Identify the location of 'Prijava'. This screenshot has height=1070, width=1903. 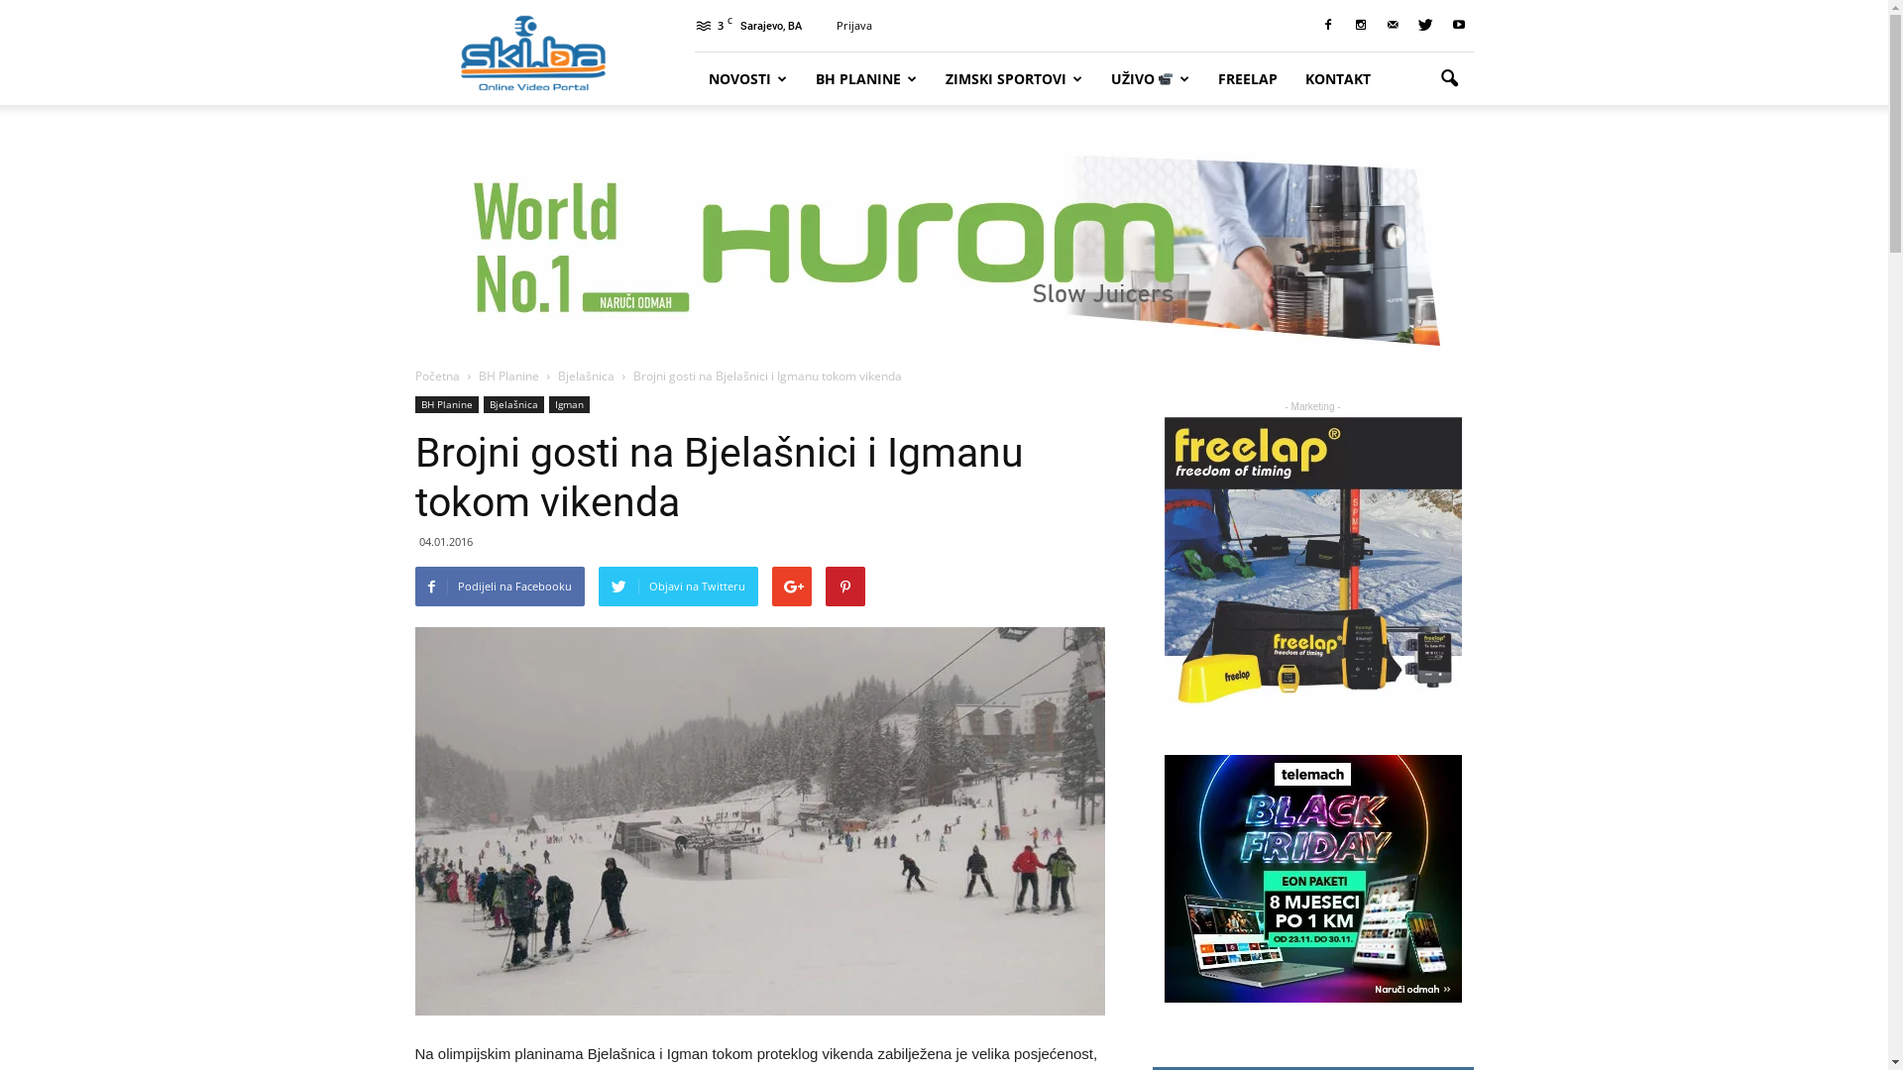
(854, 25).